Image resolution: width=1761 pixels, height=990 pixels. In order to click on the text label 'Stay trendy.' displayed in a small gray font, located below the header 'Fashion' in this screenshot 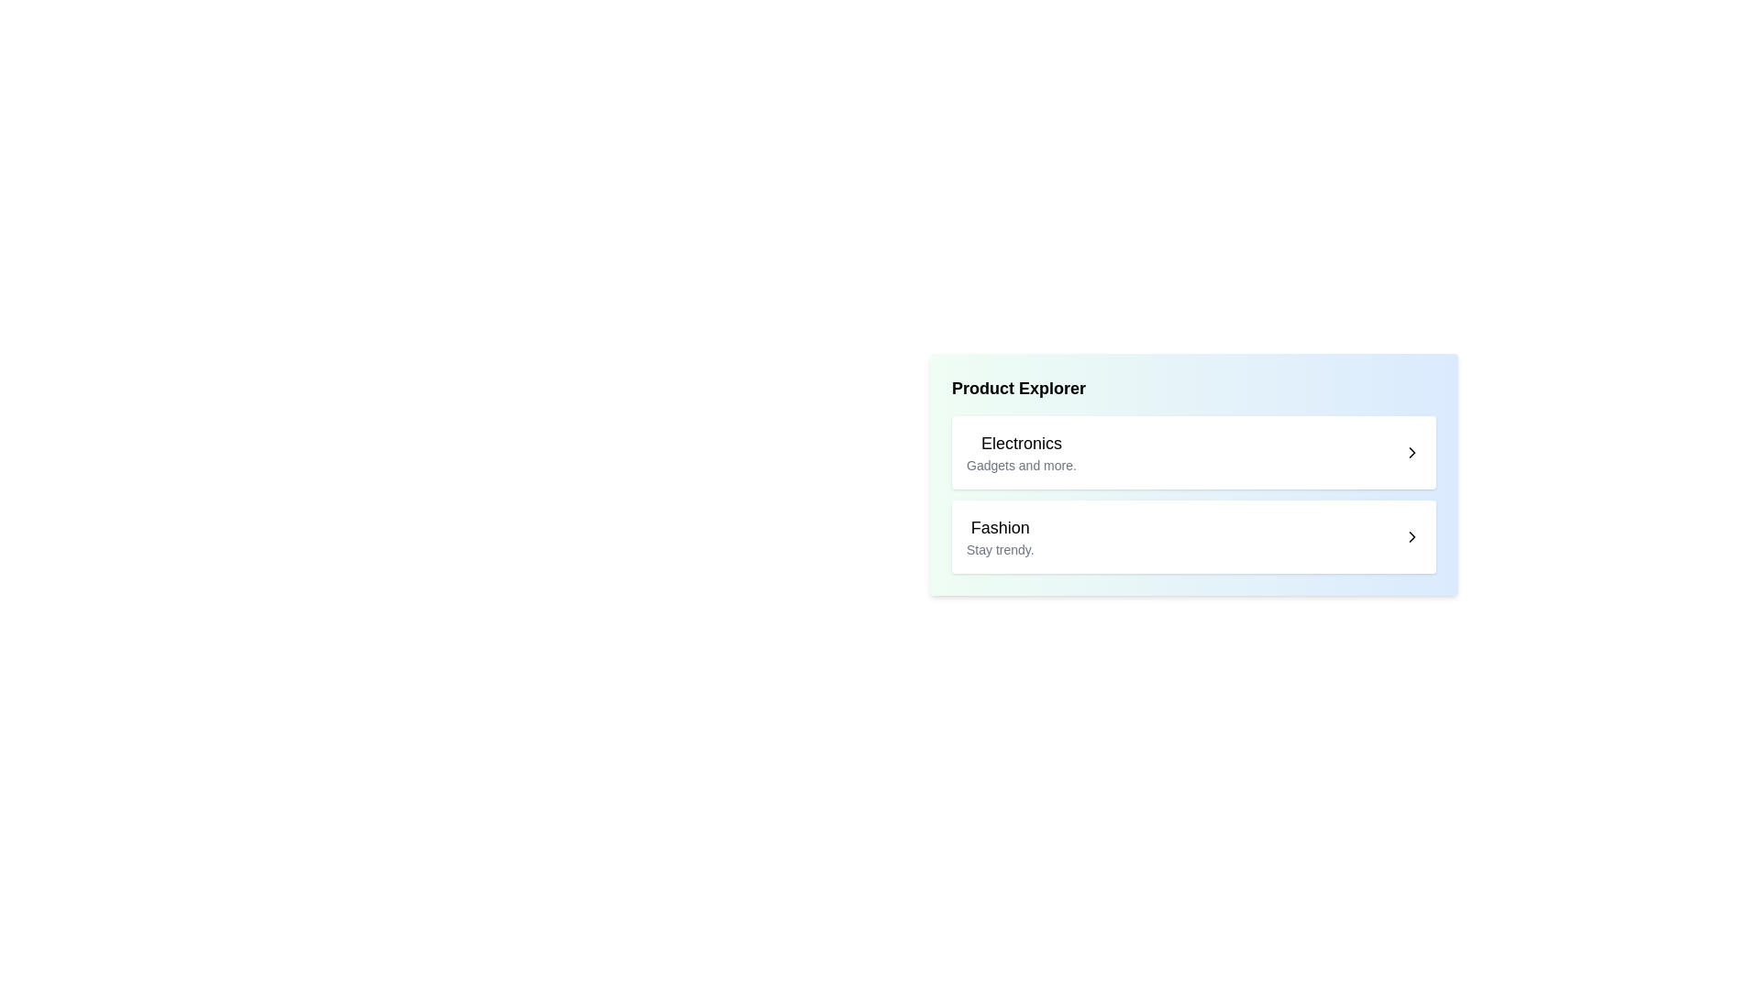, I will do `click(999, 549)`.